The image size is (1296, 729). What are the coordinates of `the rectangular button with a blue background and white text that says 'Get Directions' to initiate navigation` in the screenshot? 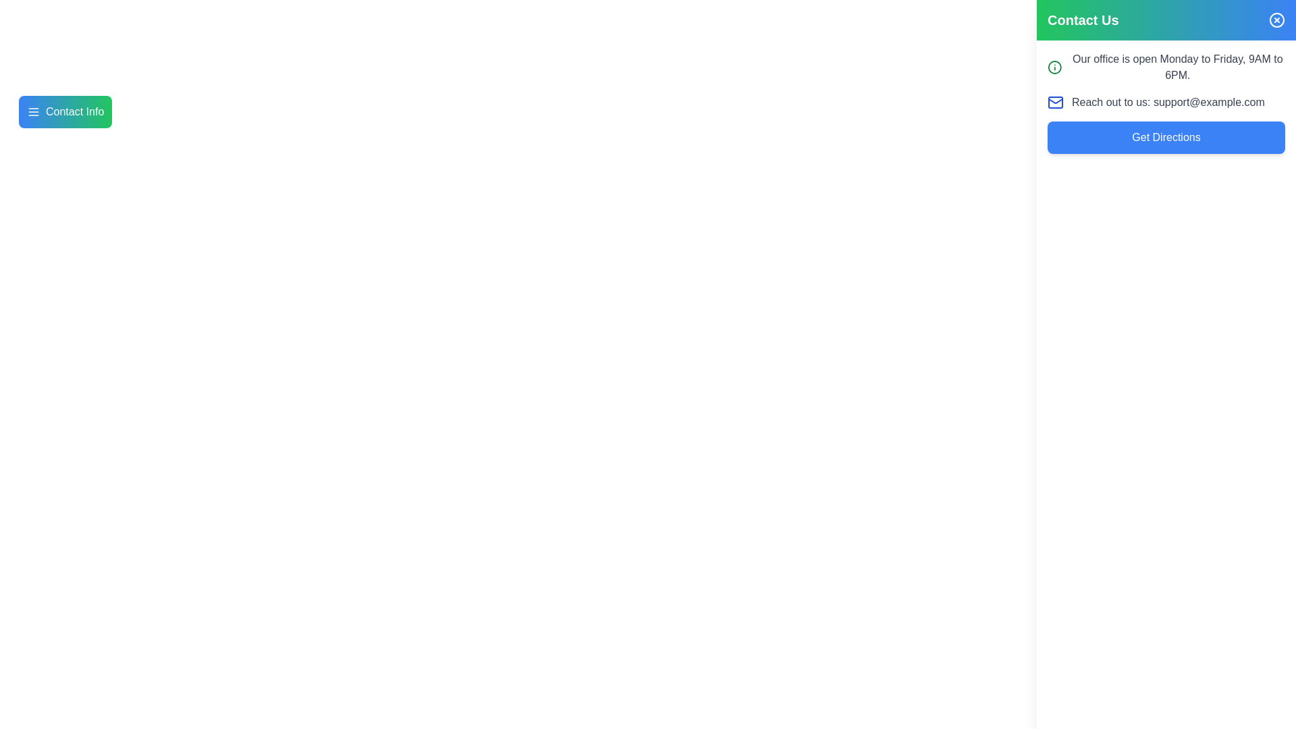 It's located at (1166, 138).